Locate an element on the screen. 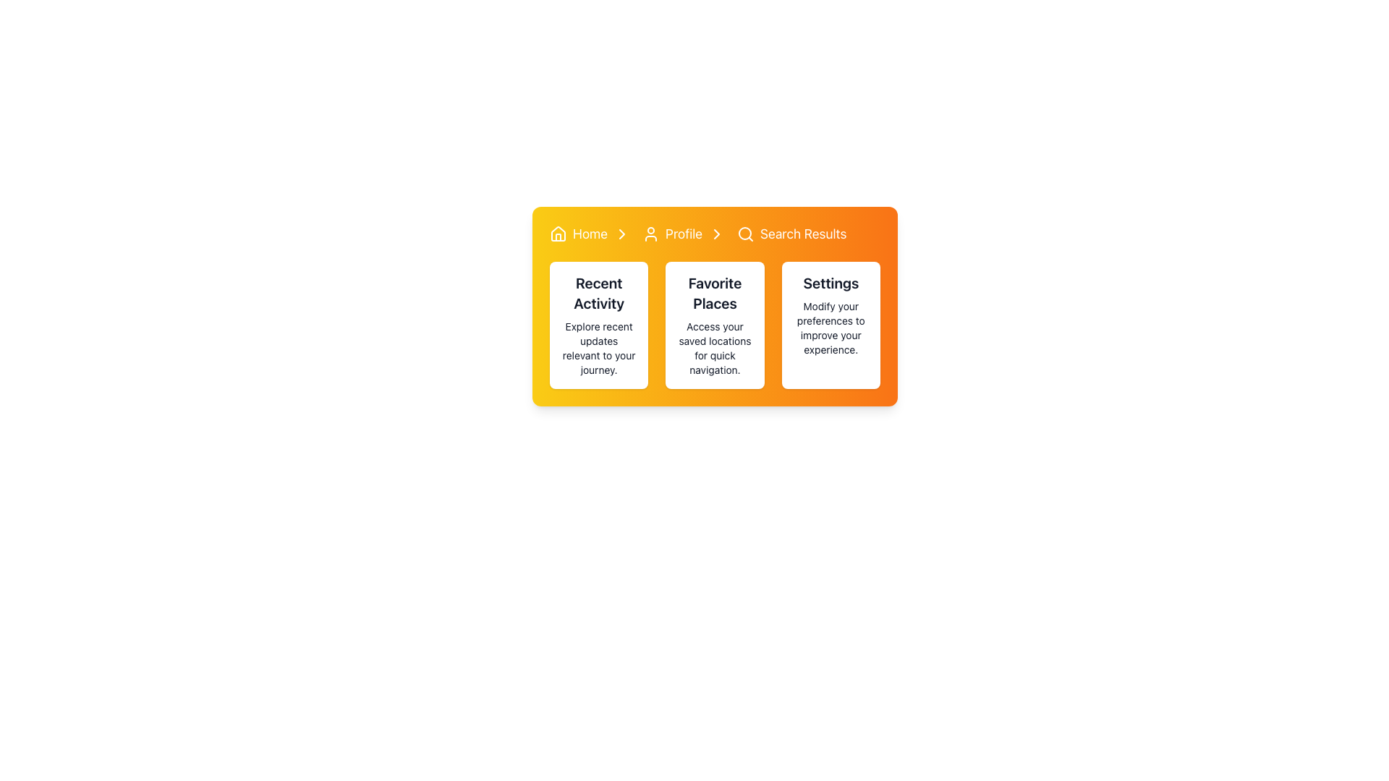 This screenshot has height=781, width=1389. the 'Search Results' clickable text link in the top navigation bar is located at coordinates (802, 234).